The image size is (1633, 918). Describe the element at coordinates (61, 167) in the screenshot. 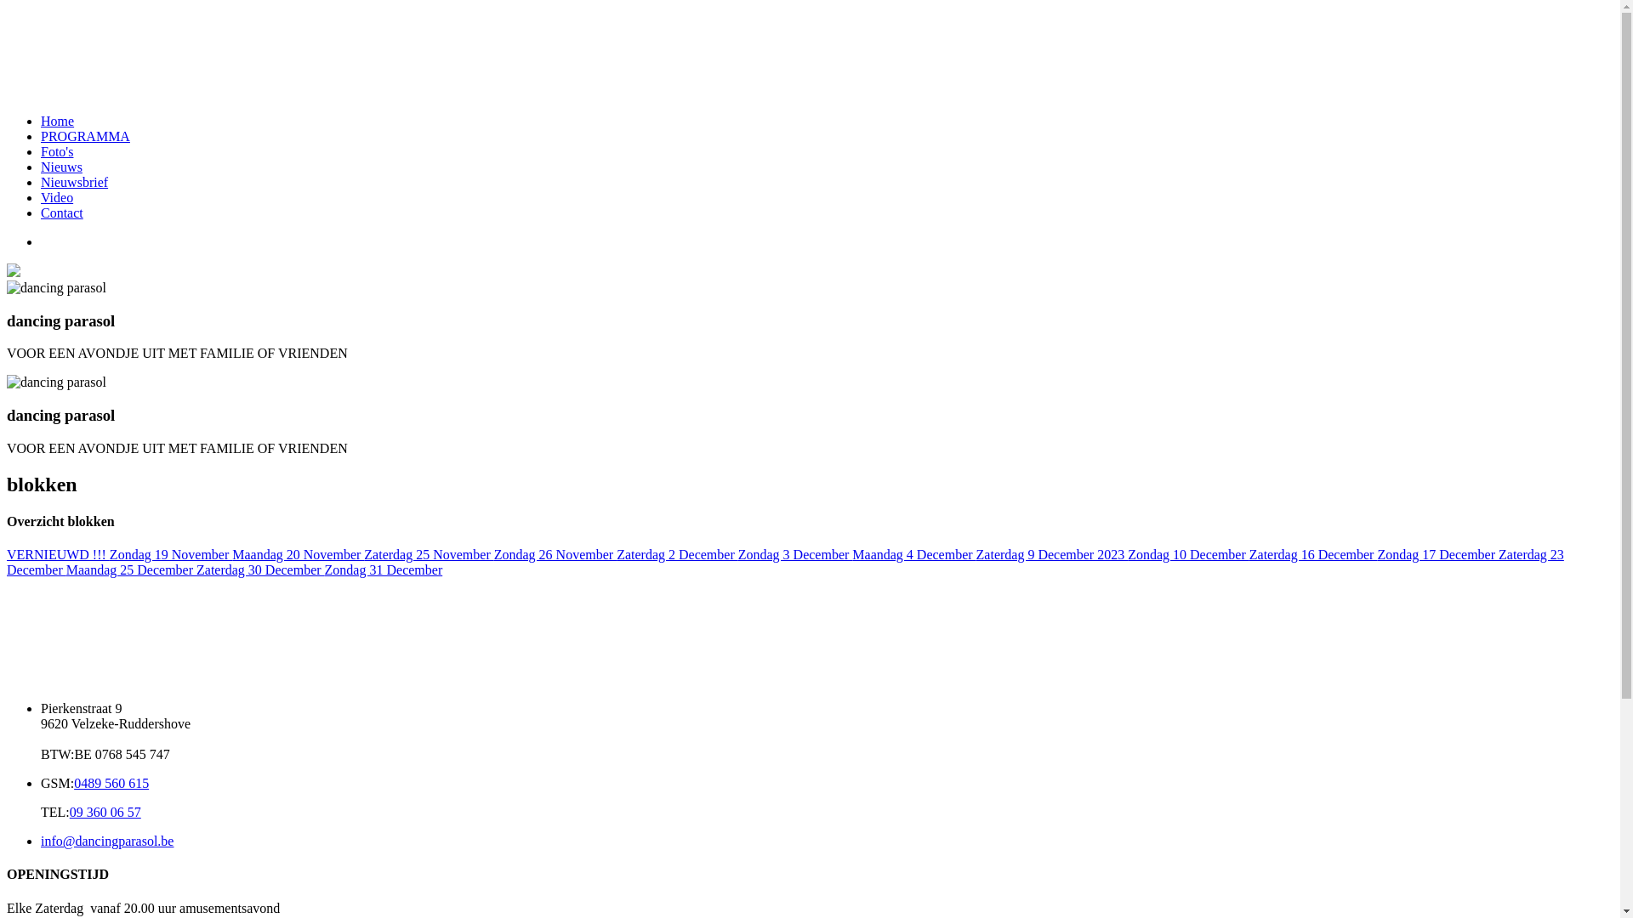

I see `'Nieuws'` at that location.